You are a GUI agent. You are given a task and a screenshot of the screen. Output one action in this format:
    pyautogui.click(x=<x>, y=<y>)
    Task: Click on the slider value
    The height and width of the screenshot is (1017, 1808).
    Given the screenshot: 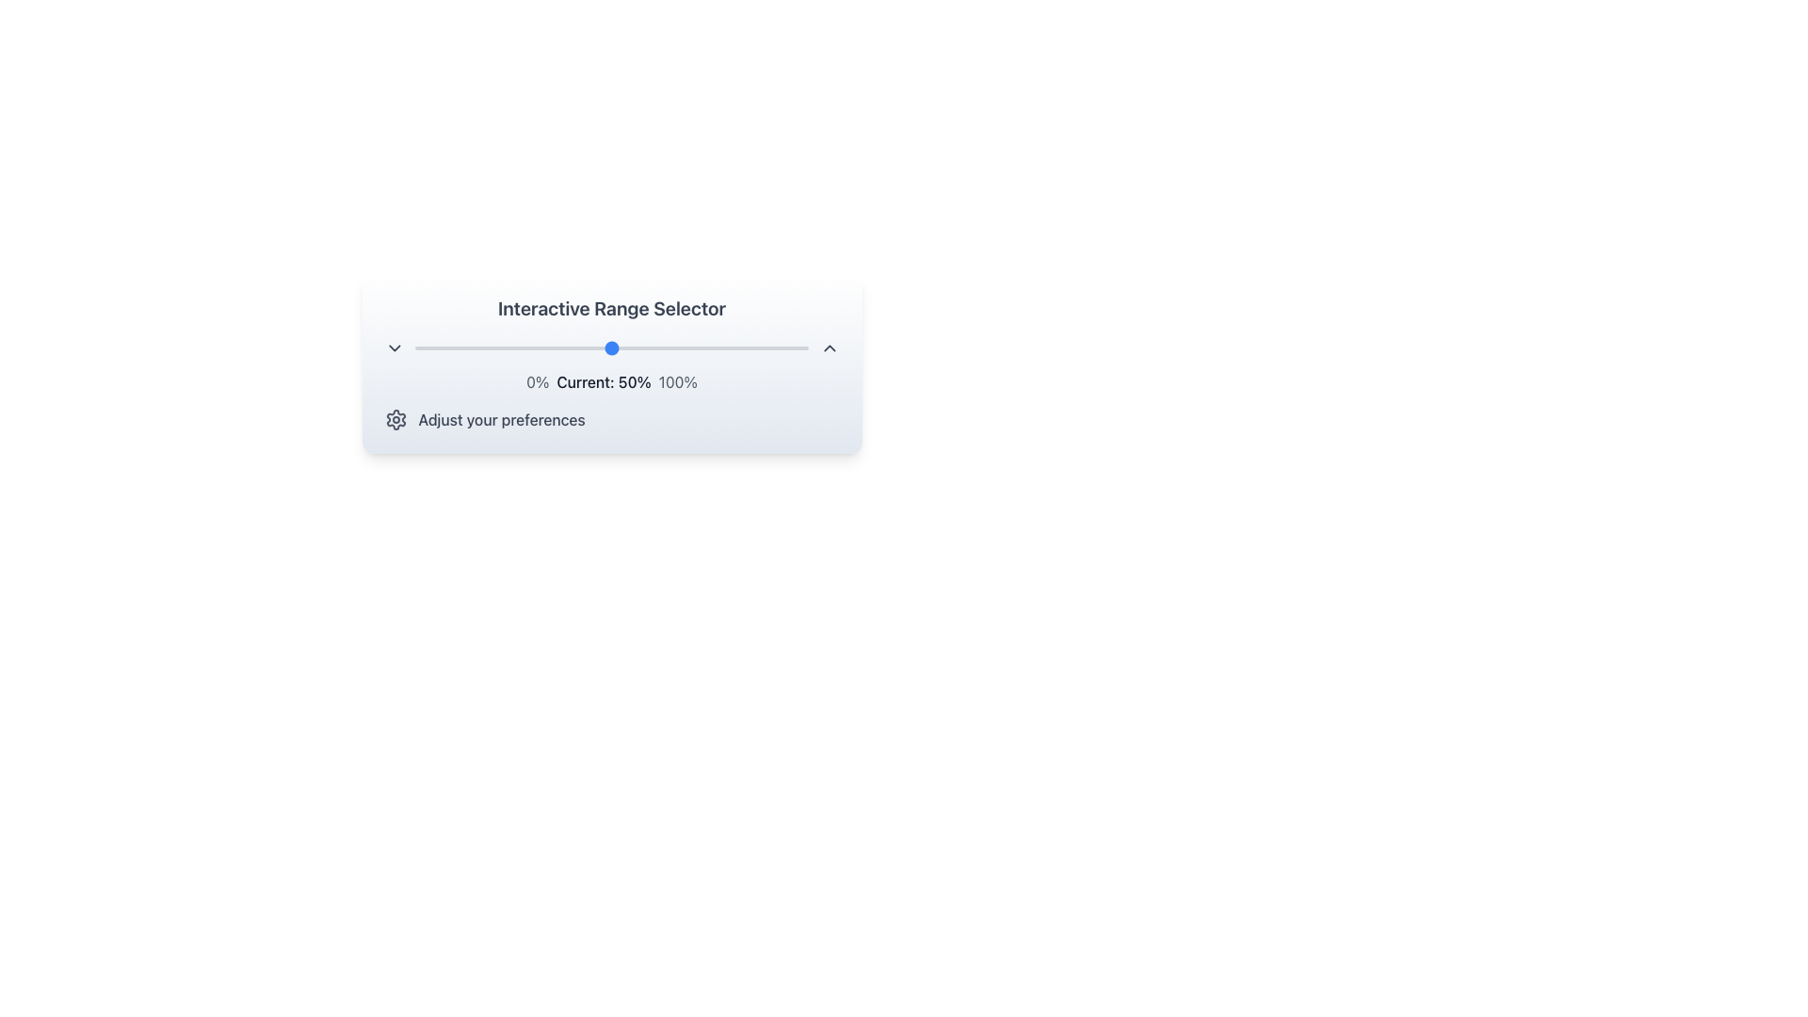 What is the action you would take?
    pyautogui.click(x=442, y=348)
    